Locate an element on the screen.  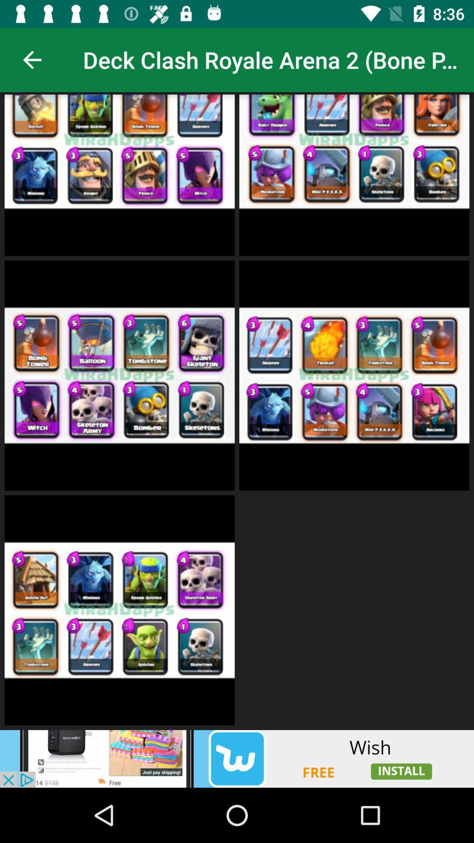
the left side images below the text which says deck clash royale arena 2 bone p is located at coordinates (119, 175).